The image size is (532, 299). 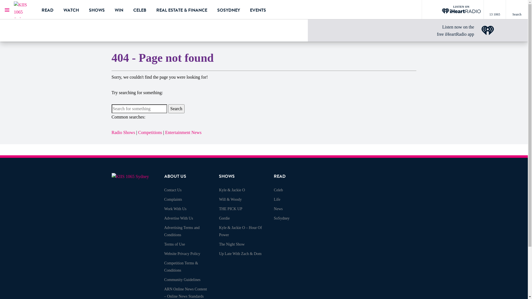 I want to click on 'Menu', so click(x=7, y=9).